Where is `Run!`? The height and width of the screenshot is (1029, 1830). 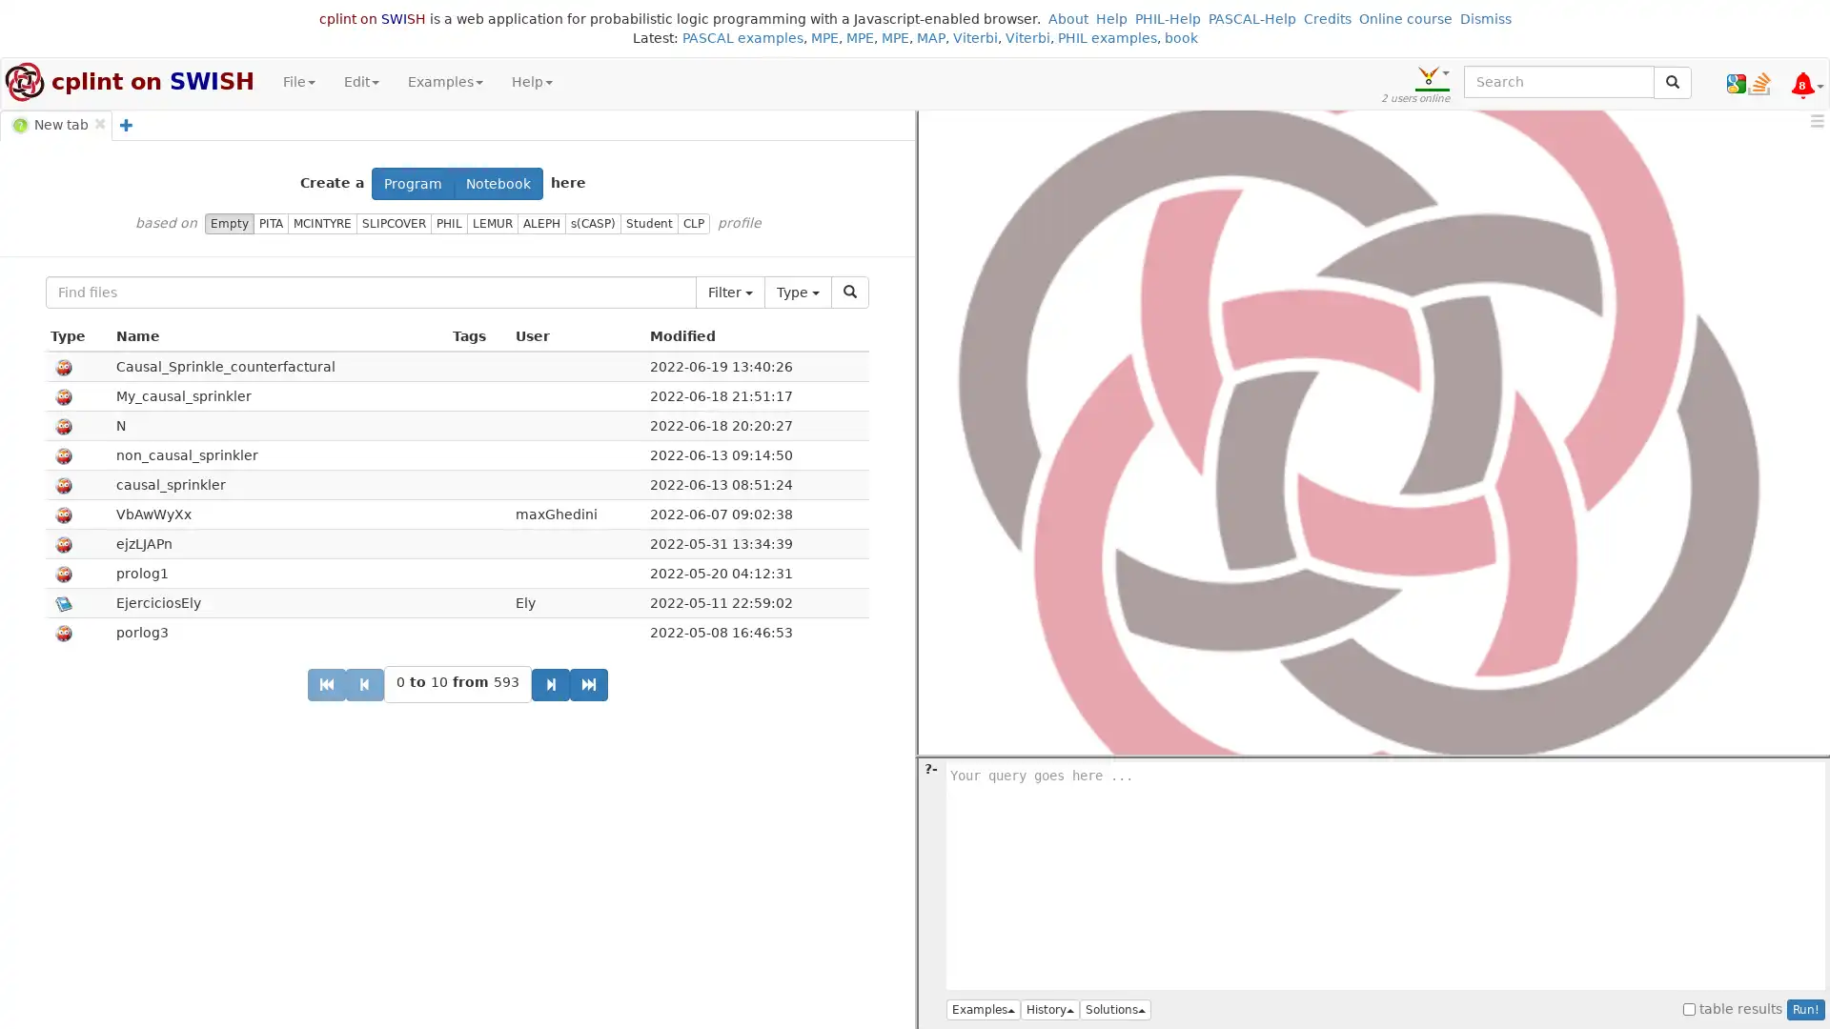
Run! is located at coordinates (1805, 1009).